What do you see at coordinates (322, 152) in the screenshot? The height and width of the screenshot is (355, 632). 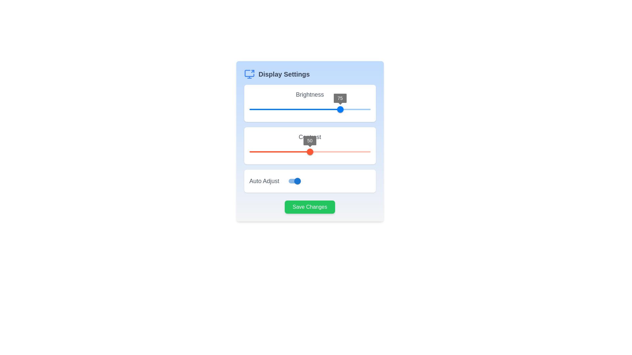 I see `the contrast` at bounding box center [322, 152].